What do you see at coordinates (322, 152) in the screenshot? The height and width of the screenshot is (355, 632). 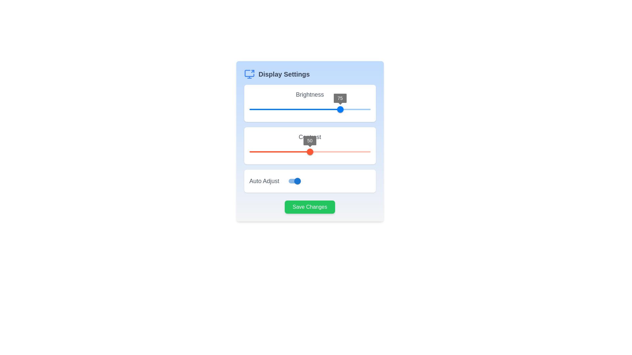 I see `the contrast` at bounding box center [322, 152].